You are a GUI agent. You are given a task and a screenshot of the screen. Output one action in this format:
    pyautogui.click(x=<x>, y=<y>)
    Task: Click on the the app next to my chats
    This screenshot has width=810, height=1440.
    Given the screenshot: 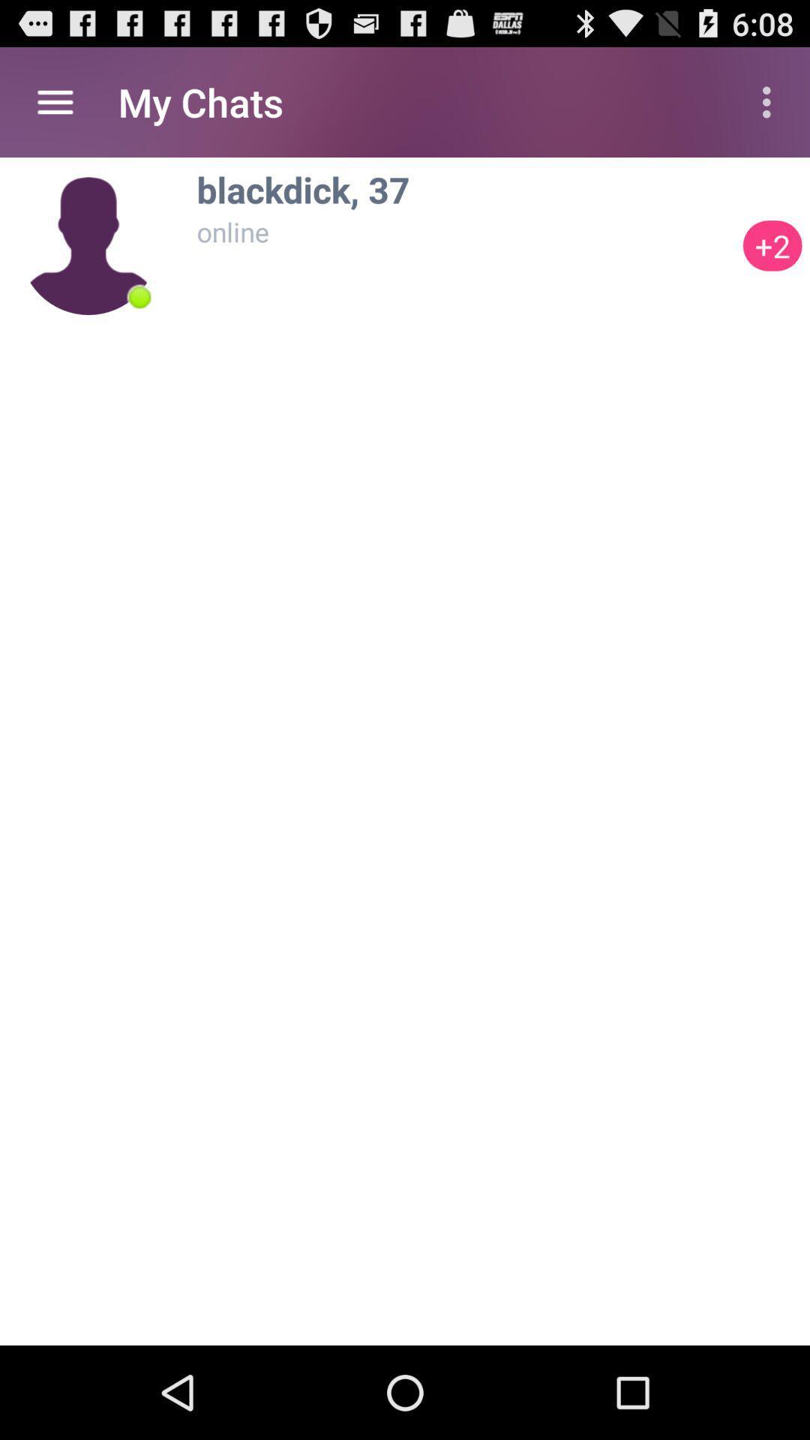 What is the action you would take?
    pyautogui.click(x=770, y=101)
    